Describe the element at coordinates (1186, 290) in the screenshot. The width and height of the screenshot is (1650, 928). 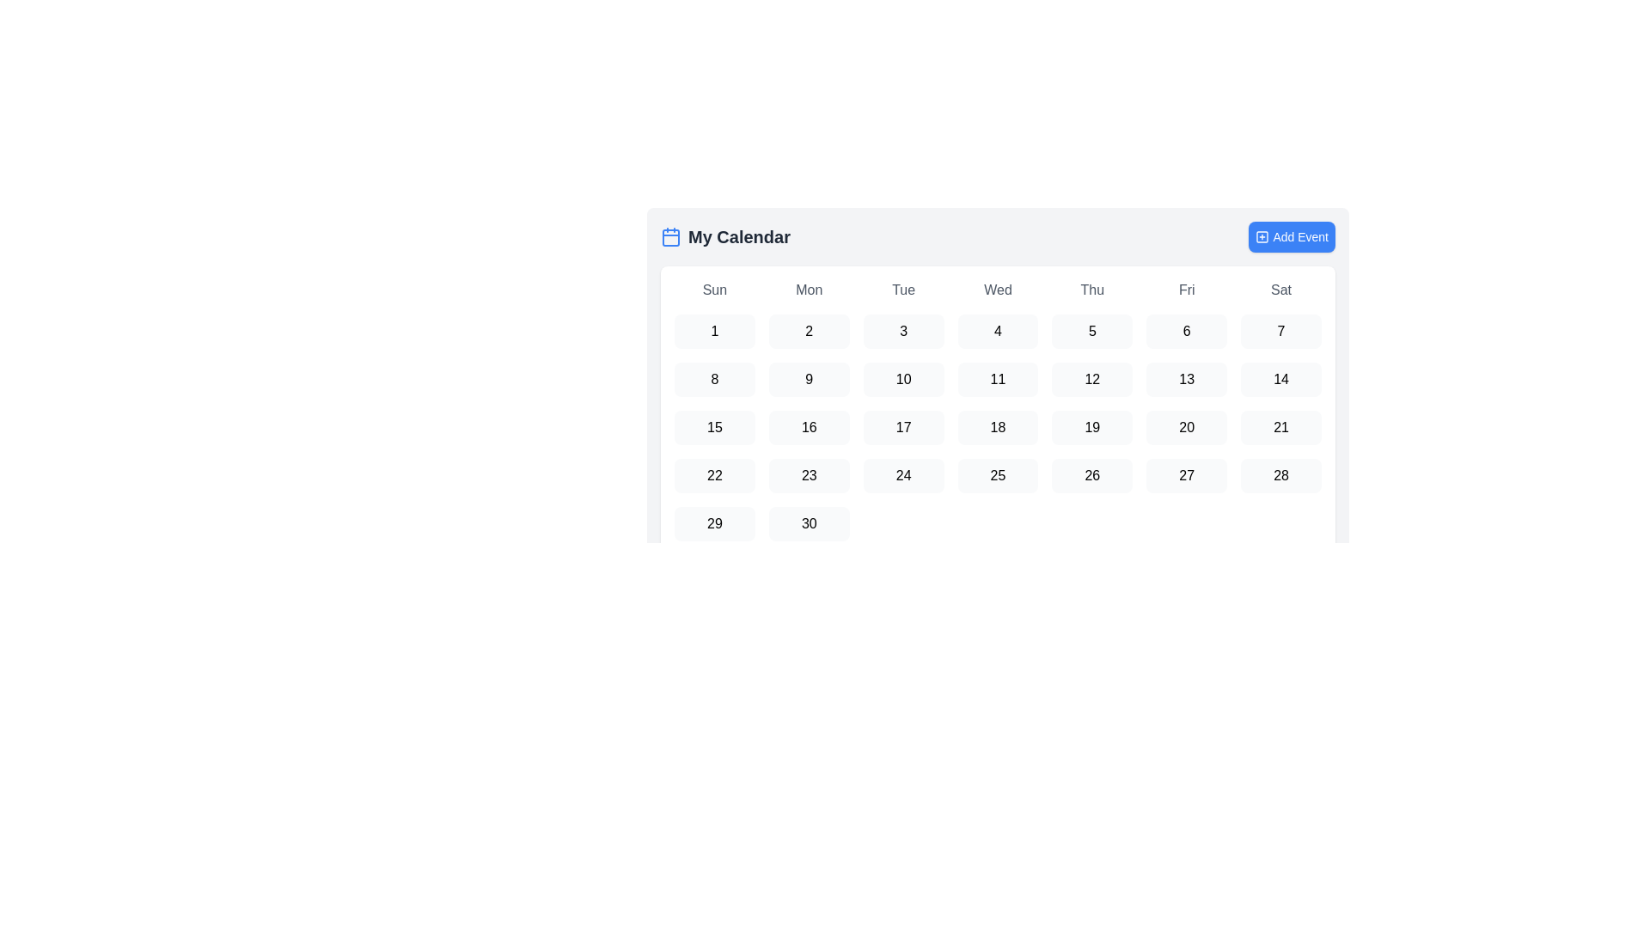
I see `the label displaying 'Fri', which is styled in gray and located in the 6th position of the top row in a 7-column grid representing the days of the week` at that location.